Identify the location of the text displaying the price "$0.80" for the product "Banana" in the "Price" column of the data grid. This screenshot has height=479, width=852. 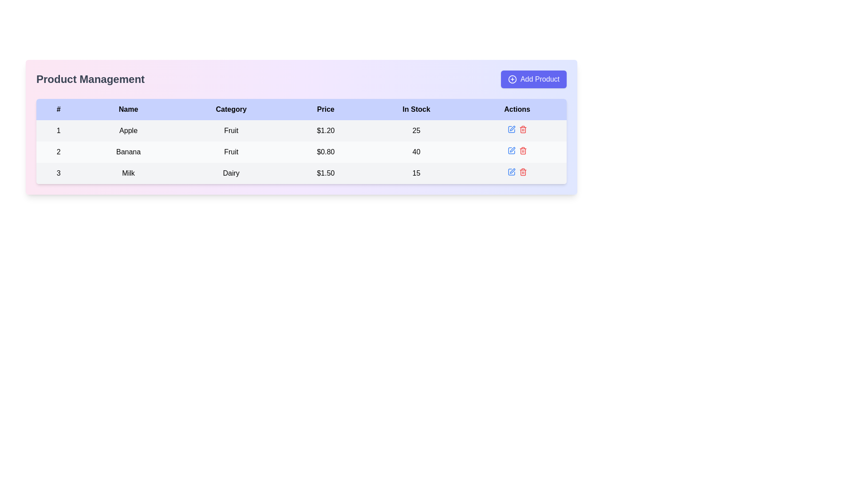
(325, 152).